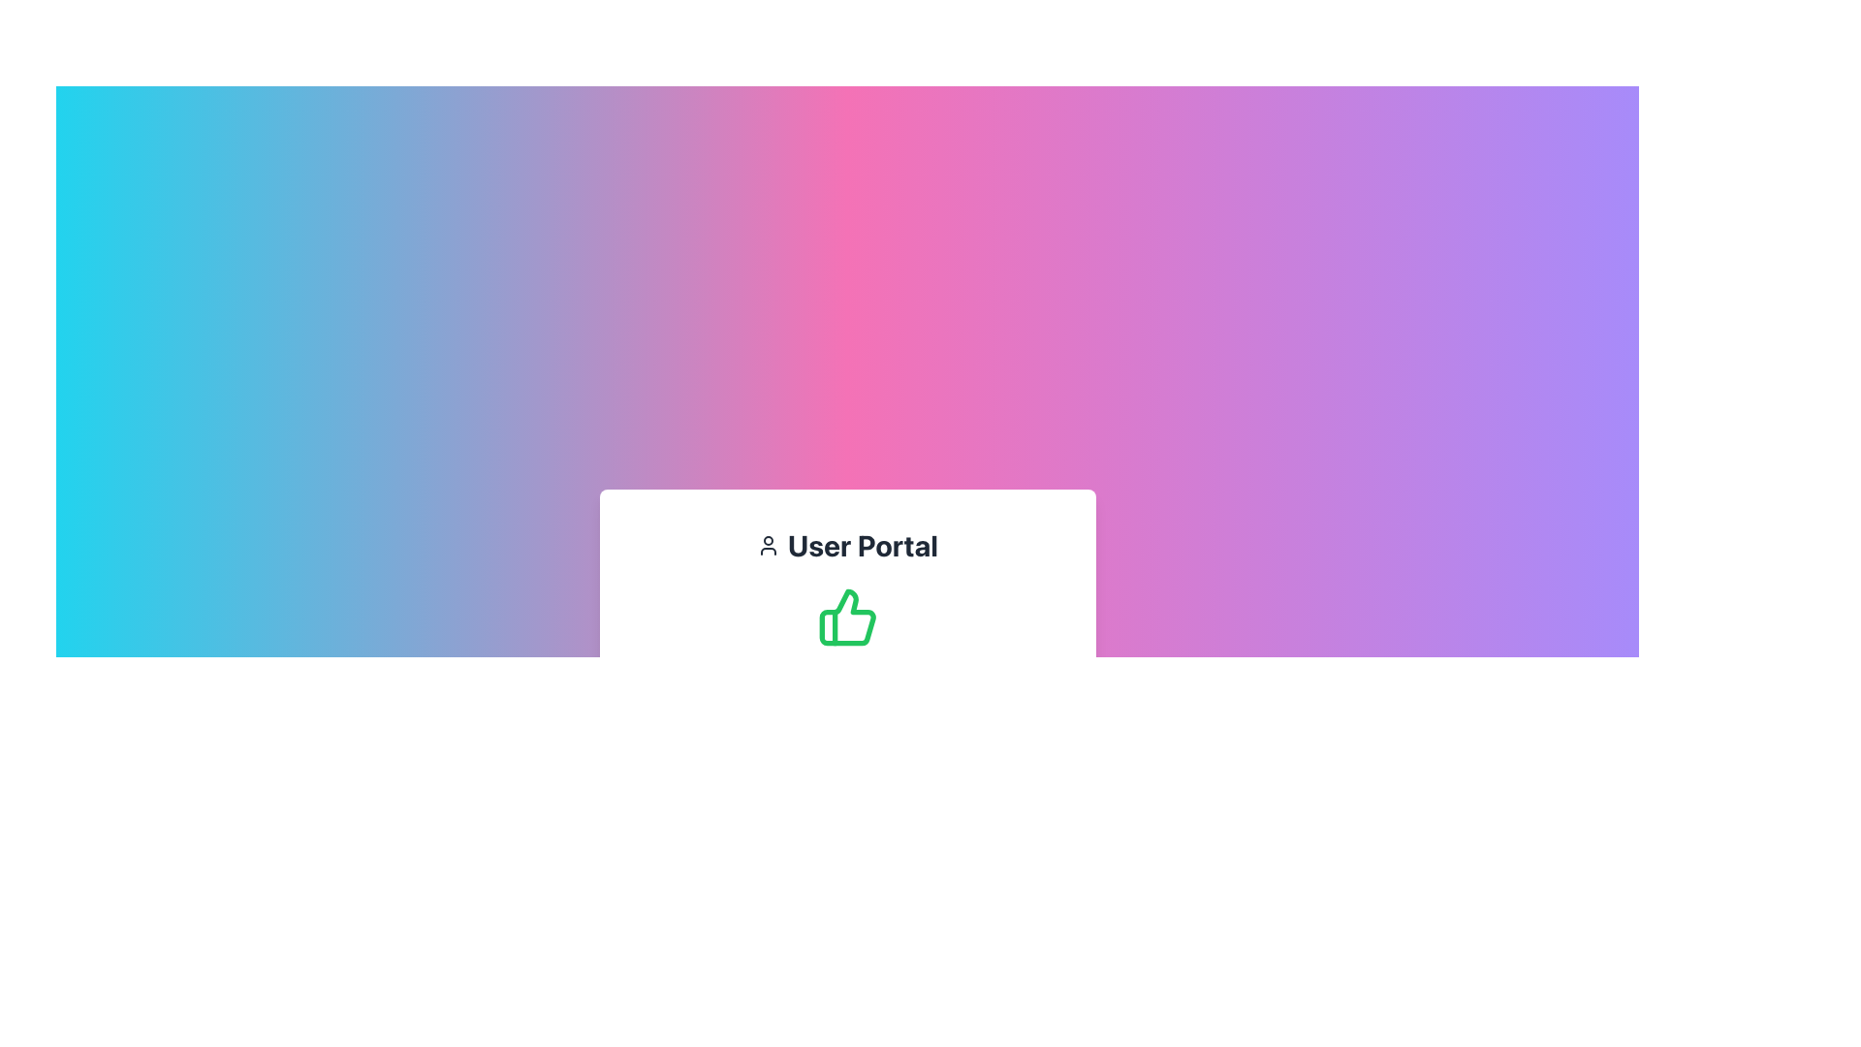 The image size is (1861, 1047). Describe the element at coordinates (847, 617) in the screenshot. I see `the thumbs-up icon indicating approval within the 'User Portal' card component` at that location.